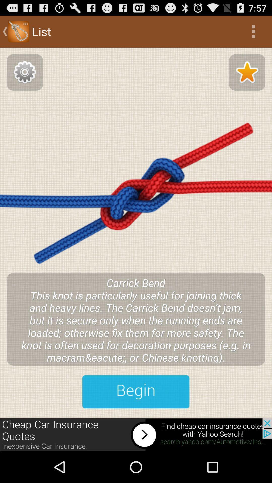 The image size is (272, 483). I want to click on favorite, so click(247, 72).